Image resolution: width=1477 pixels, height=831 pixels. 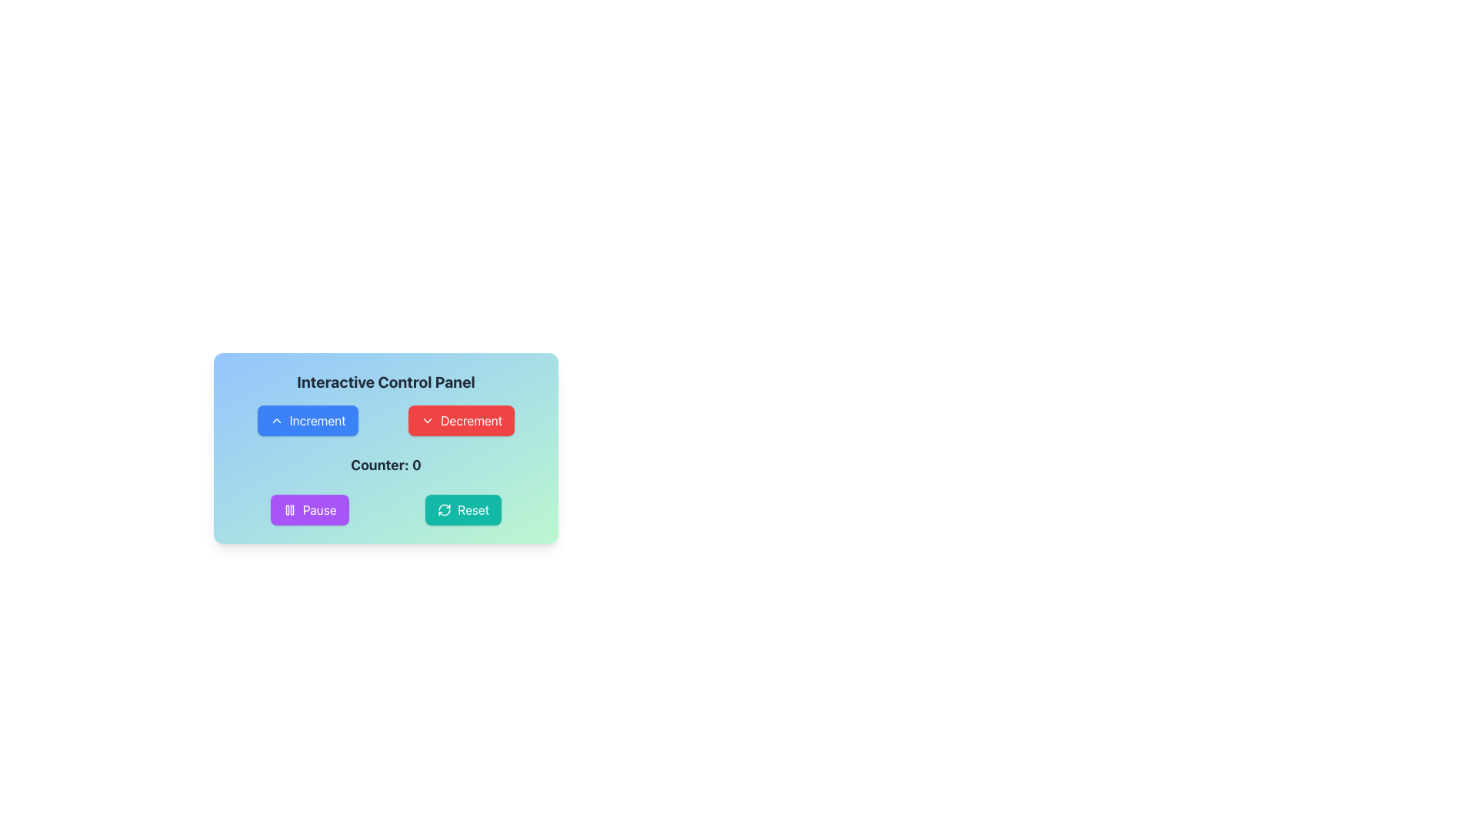 I want to click on the 'Increment' button with a blue background and upward arrow icon located in the 'Interactive Control Panel' to increment a value, so click(x=308, y=421).